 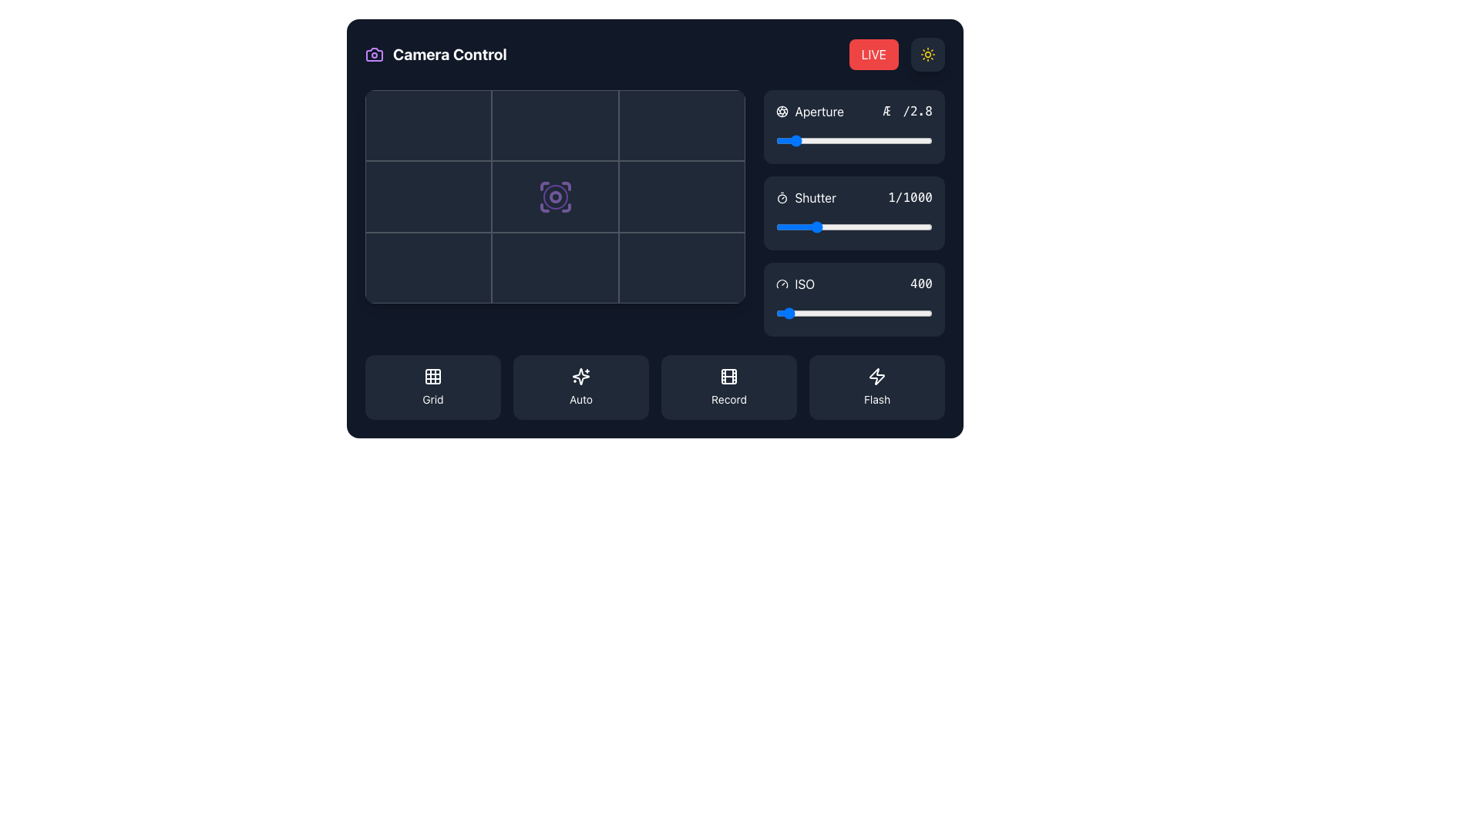 What do you see at coordinates (814, 226) in the screenshot?
I see `the shutter speed value` at bounding box center [814, 226].